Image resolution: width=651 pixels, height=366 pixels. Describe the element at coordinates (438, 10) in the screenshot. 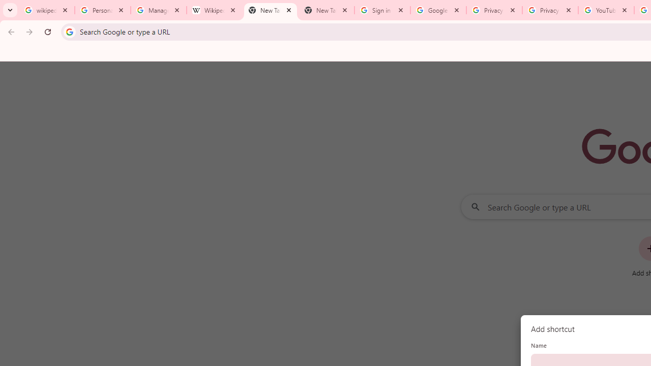

I see `'Google Drive: Sign-in'` at that location.